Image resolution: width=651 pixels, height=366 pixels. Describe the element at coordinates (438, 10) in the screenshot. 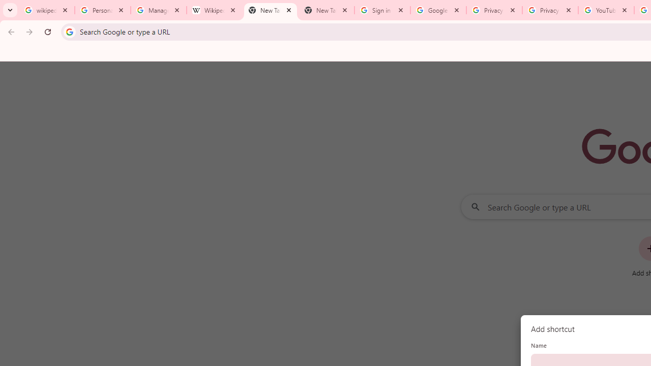

I see `'Google Drive: Sign-in'` at that location.